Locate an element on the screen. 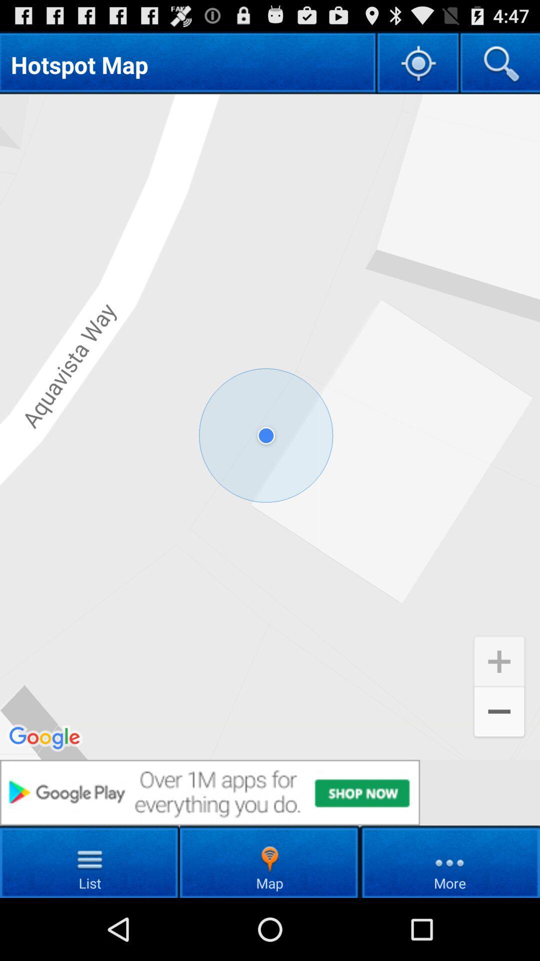 This screenshot has height=961, width=540. the location_crosshair icon is located at coordinates (417, 67).